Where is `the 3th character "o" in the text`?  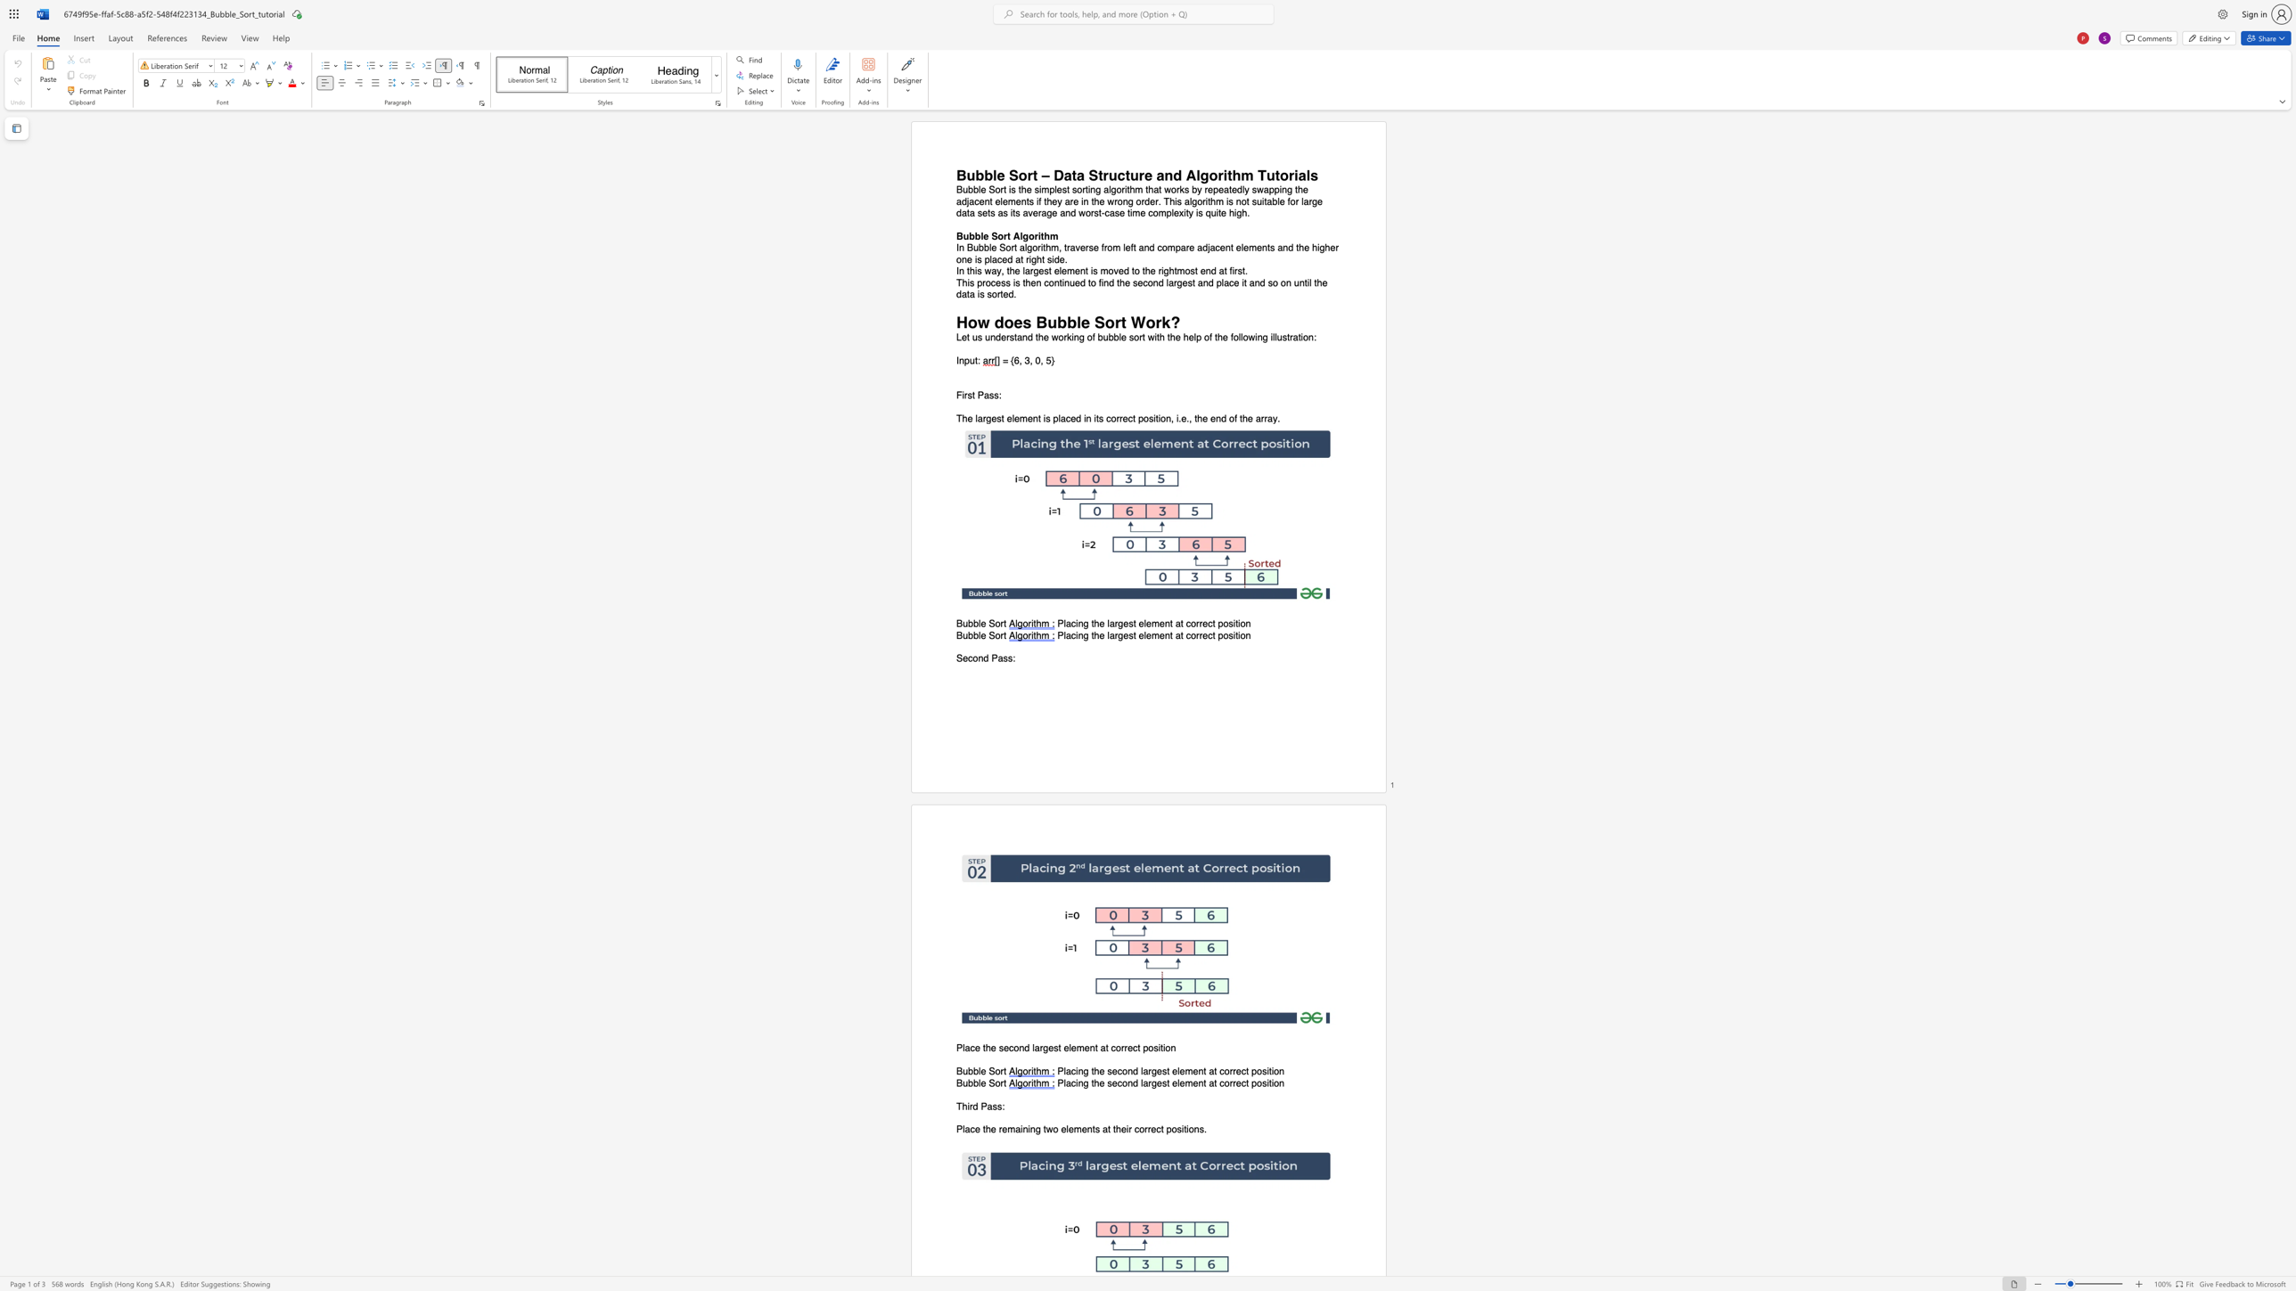 the 3th character "o" in the text is located at coordinates (1109, 322).